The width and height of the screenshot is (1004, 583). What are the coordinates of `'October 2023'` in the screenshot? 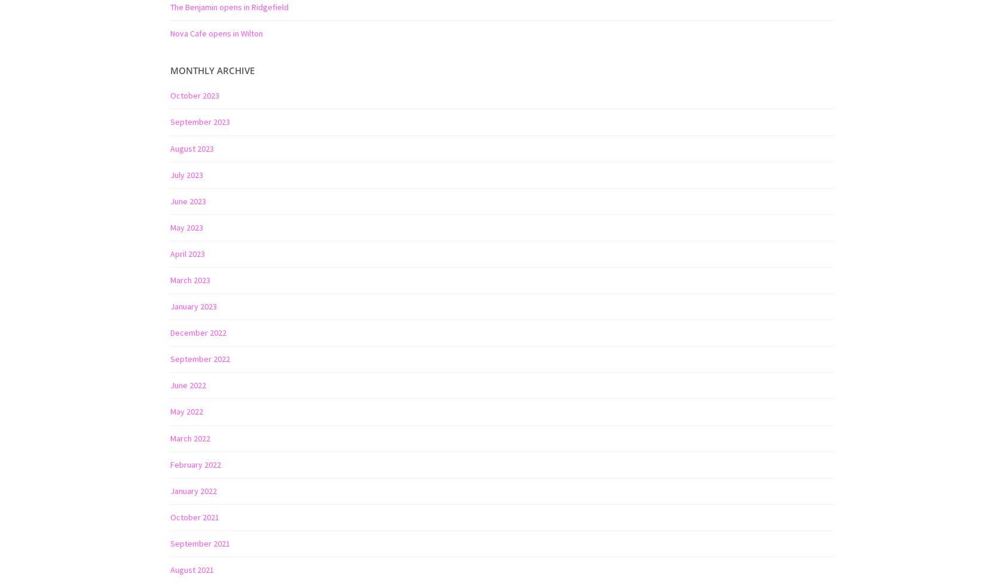 It's located at (194, 94).